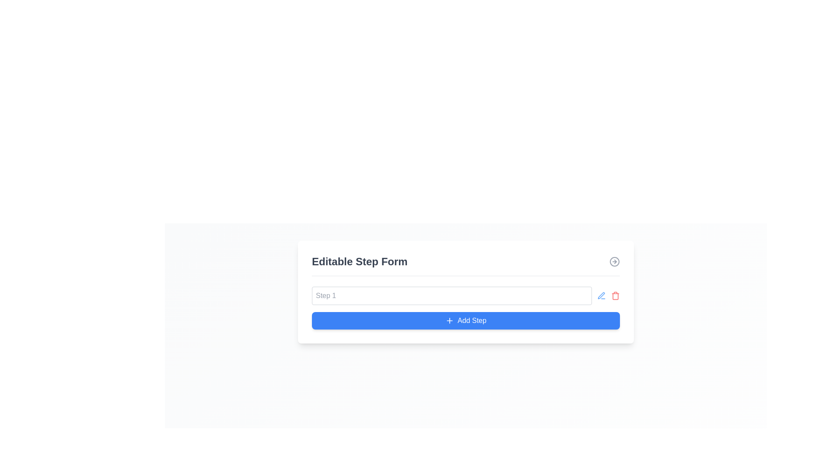 This screenshot has height=472, width=840. Describe the element at coordinates (465, 320) in the screenshot. I see `the blue button labeled 'Add Step' with a plus sign icon` at that location.